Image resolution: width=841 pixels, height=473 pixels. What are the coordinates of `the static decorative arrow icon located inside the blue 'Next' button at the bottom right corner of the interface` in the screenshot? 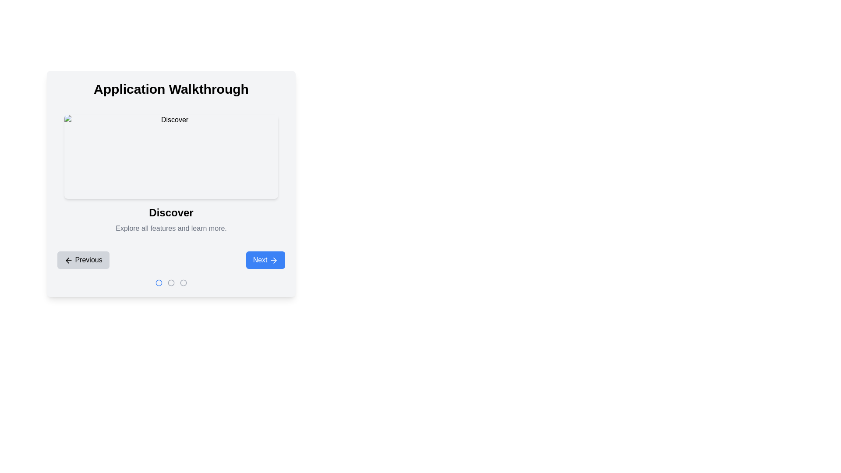 It's located at (273, 260).